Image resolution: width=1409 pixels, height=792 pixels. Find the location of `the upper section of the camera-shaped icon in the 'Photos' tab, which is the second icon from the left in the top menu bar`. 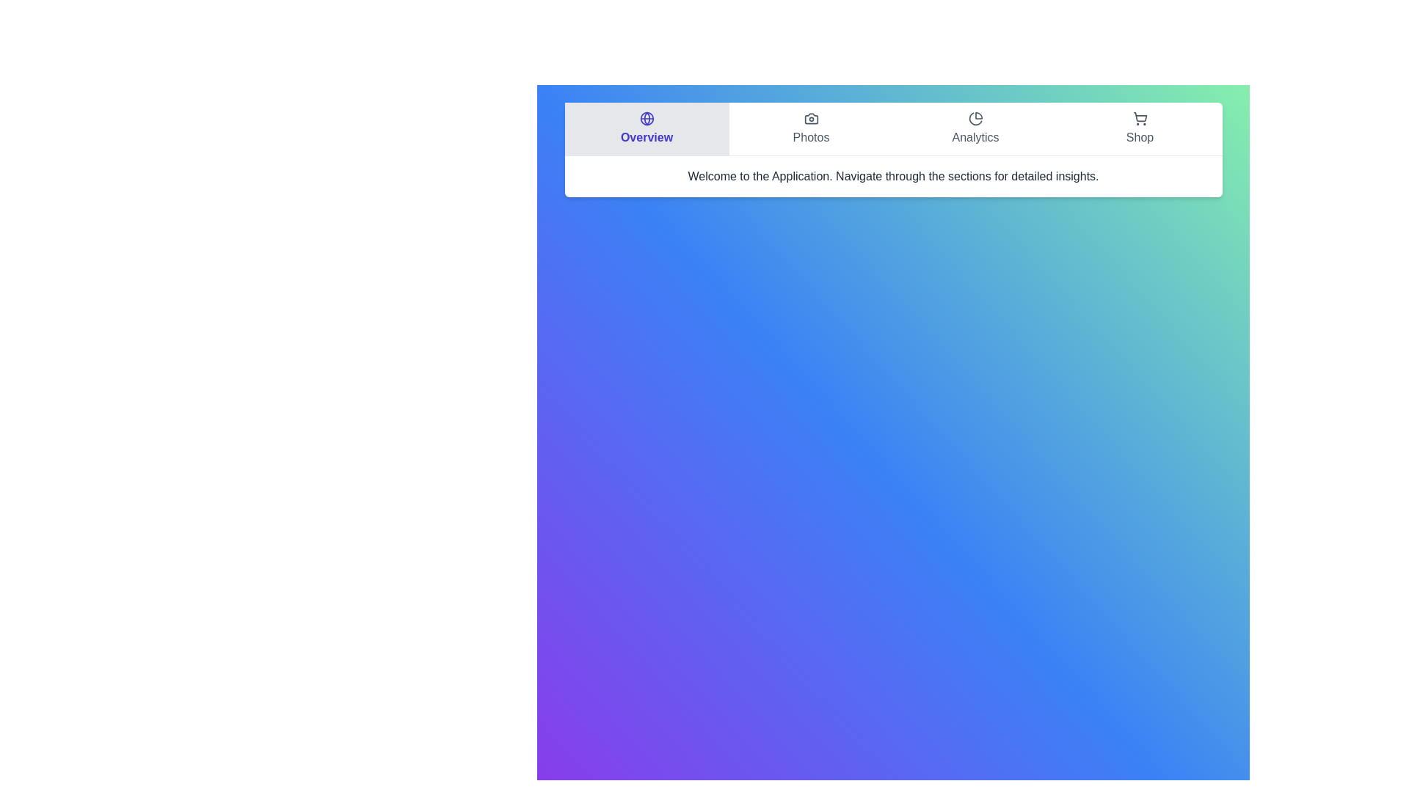

the upper section of the camera-shaped icon in the 'Photos' tab, which is the second icon from the left in the top menu bar is located at coordinates (810, 118).